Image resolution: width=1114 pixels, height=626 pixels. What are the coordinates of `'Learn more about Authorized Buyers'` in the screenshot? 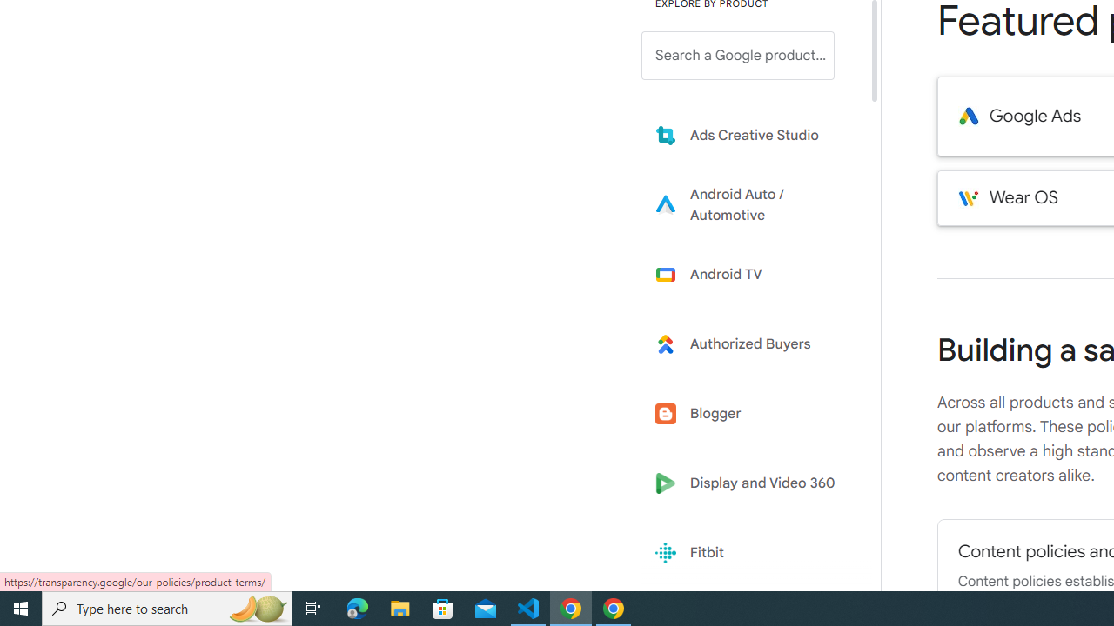 It's located at (750, 344).